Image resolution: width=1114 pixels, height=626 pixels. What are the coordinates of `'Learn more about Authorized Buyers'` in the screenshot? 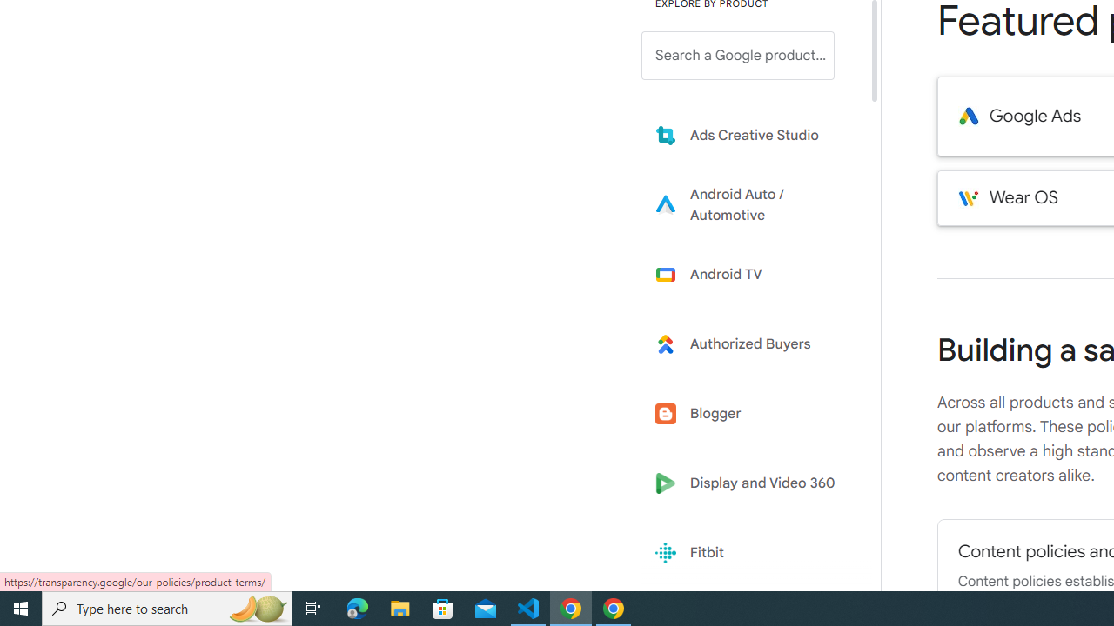 It's located at (750, 344).